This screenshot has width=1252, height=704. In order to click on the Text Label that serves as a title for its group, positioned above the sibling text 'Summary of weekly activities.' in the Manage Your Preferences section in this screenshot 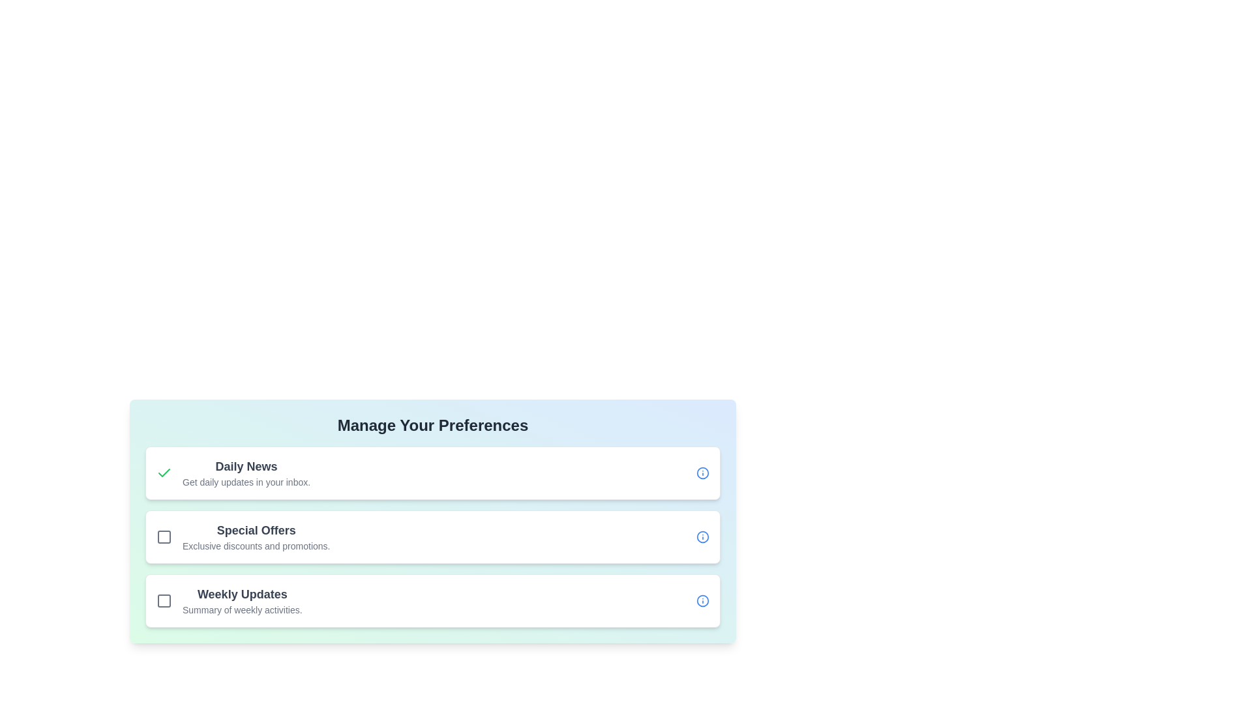, I will do `click(242, 594)`.